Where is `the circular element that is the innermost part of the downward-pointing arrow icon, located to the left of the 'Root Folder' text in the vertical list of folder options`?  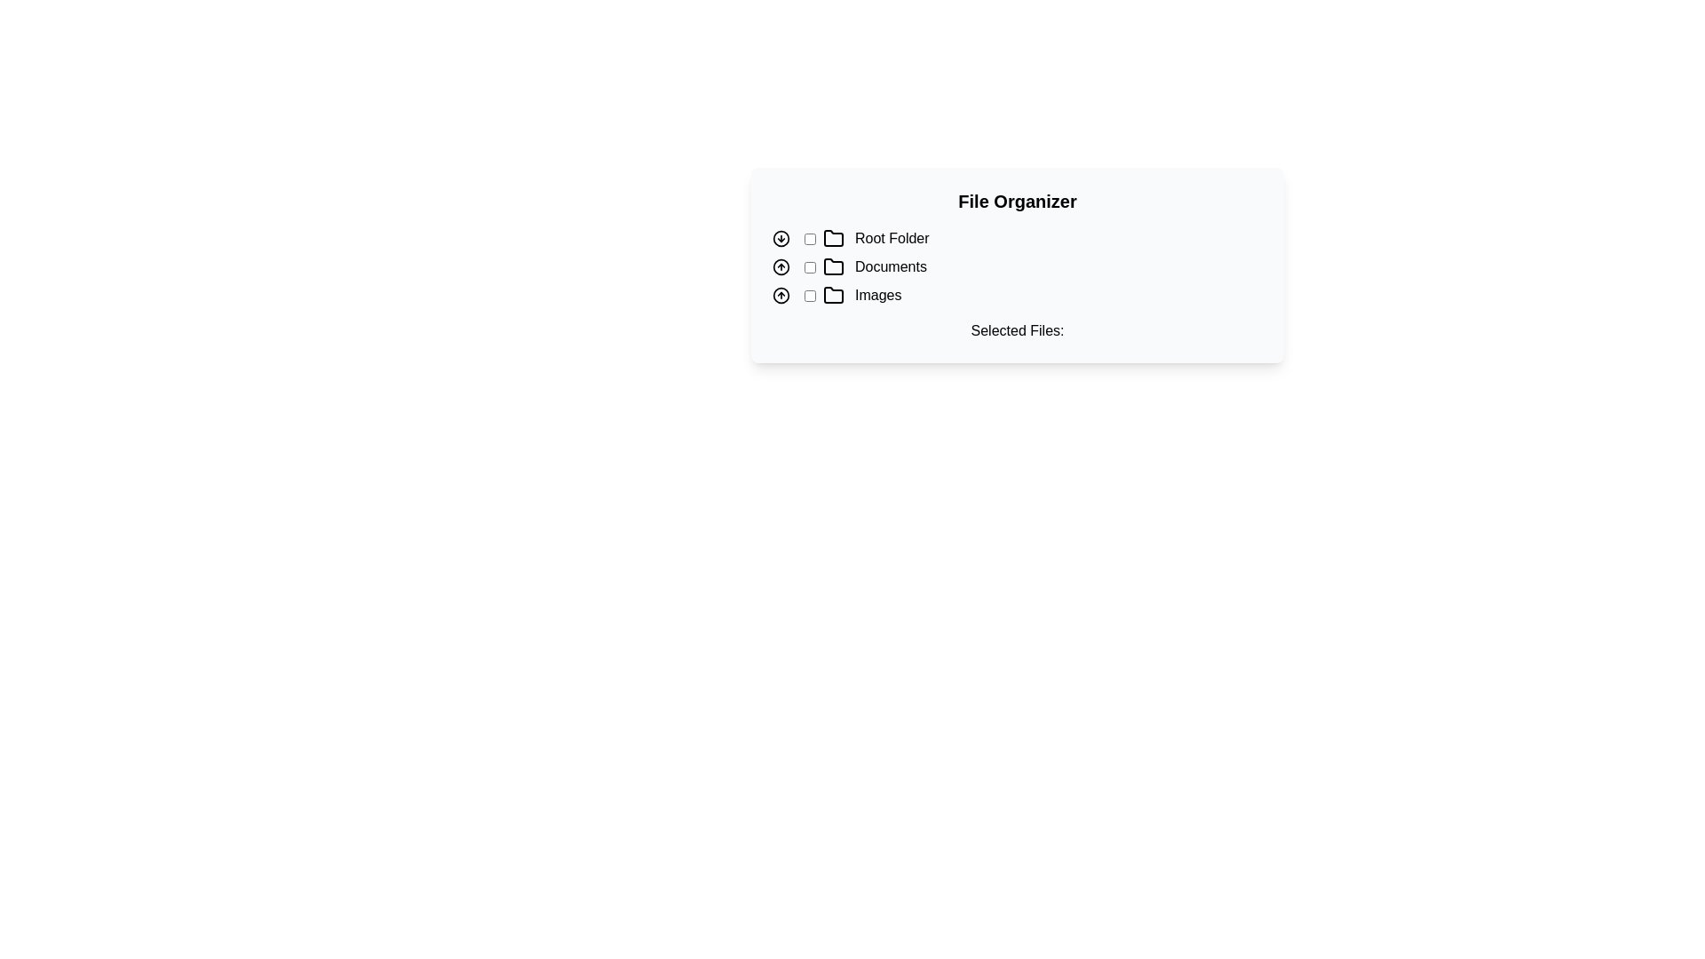 the circular element that is the innermost part of the downward-pointing arrow icon, located to the left of the 'Root Folder' text in the vertical list of folder options is located at coordinates (781, 238).